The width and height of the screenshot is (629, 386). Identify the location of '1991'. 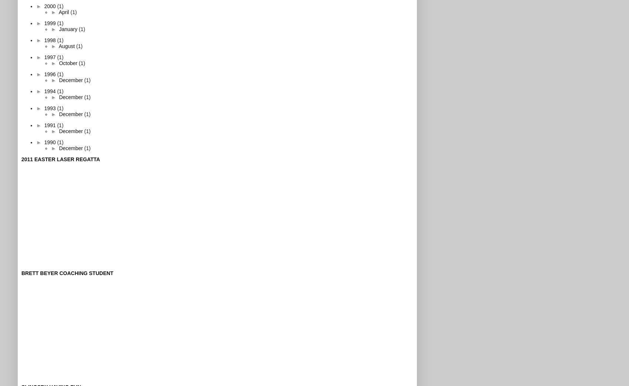
(44, 125).